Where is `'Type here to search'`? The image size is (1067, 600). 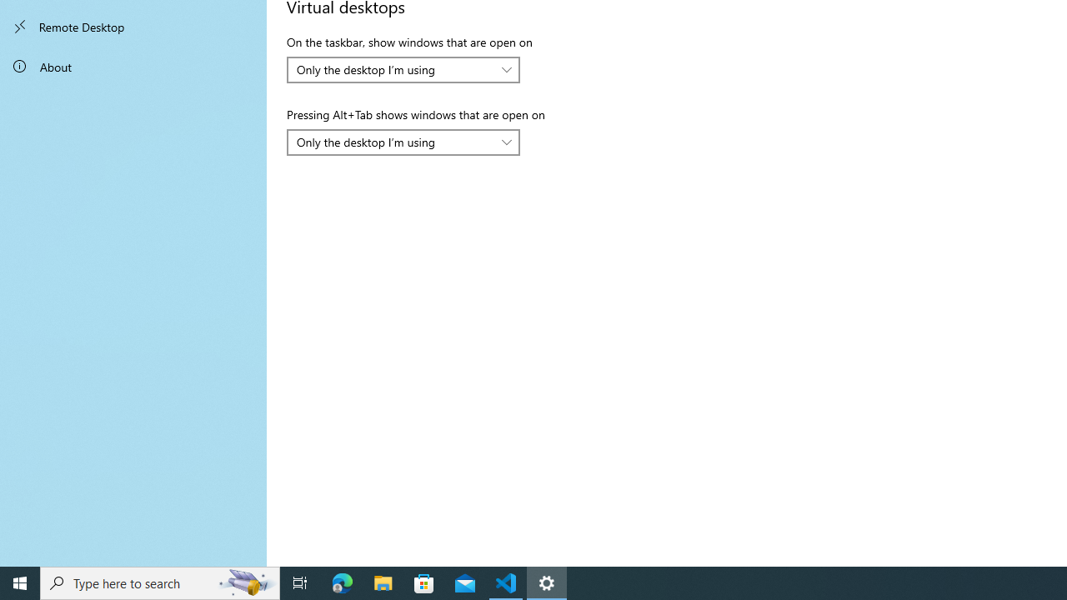
'Type here to search' is located at coordinates (160, 582).